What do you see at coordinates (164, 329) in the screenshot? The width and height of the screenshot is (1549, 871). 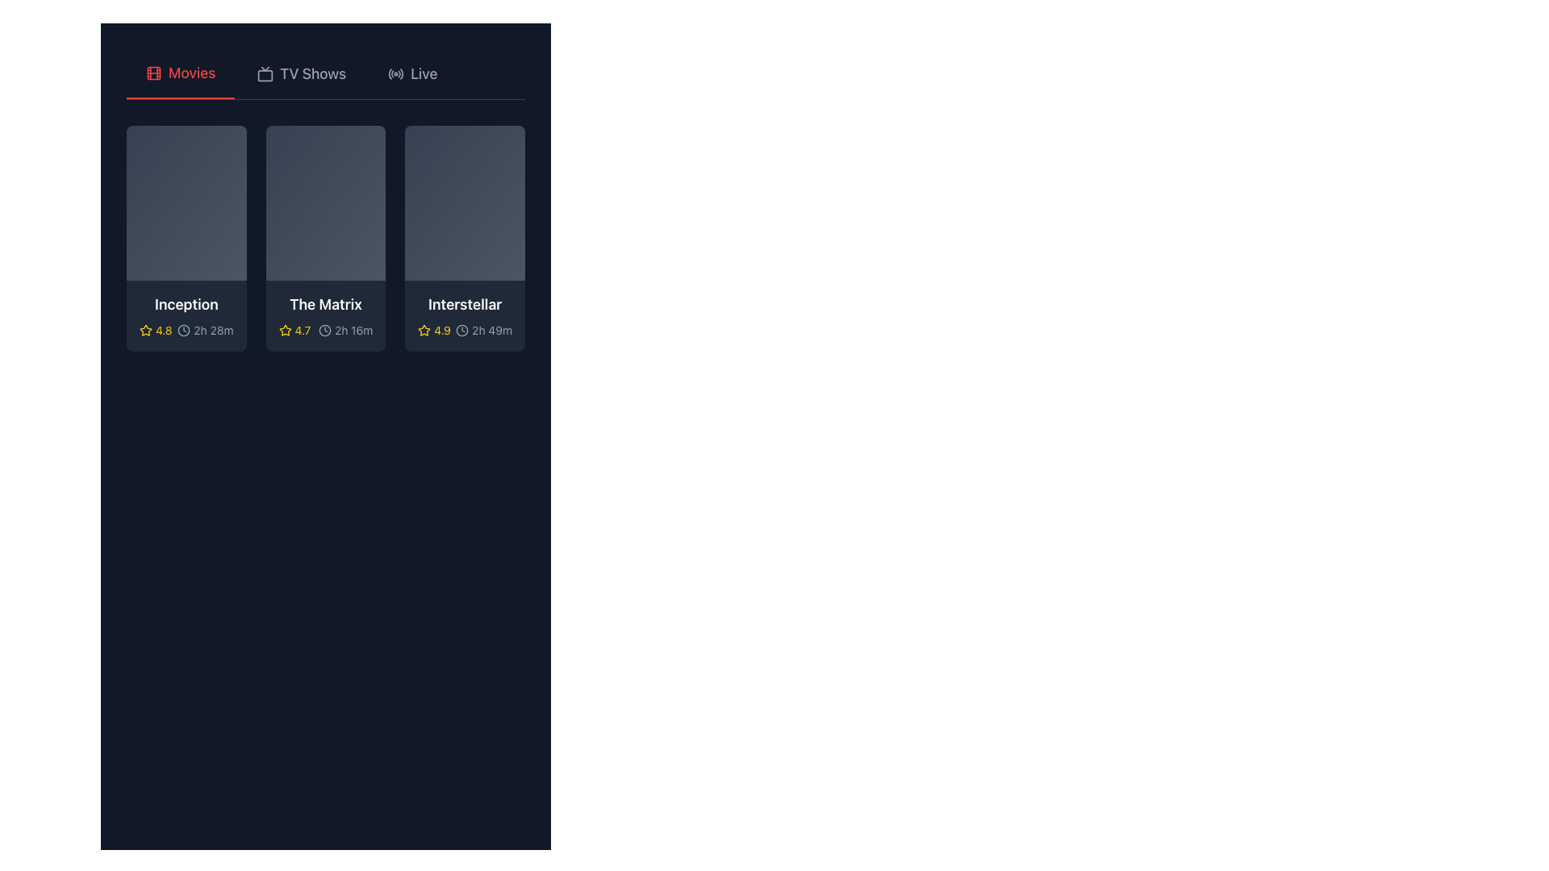 I see `the text label '4.8', which is styled in yellow and part of the rating system next to the star icon for the movie 'Inception'` at bounding box center [164, 329].